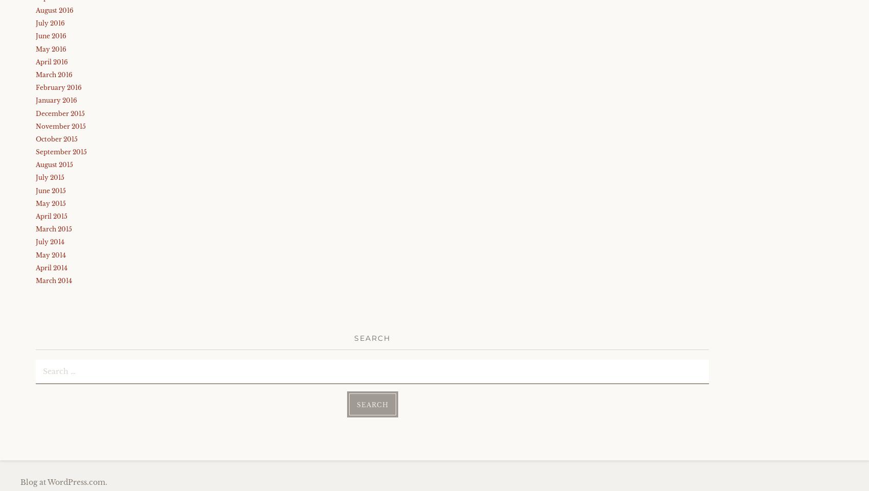 The width and height of the screenshot is (869, 491). Describe the element at coordinates (36, 241) in the screenshot. I see `'July 2014'` at that location.